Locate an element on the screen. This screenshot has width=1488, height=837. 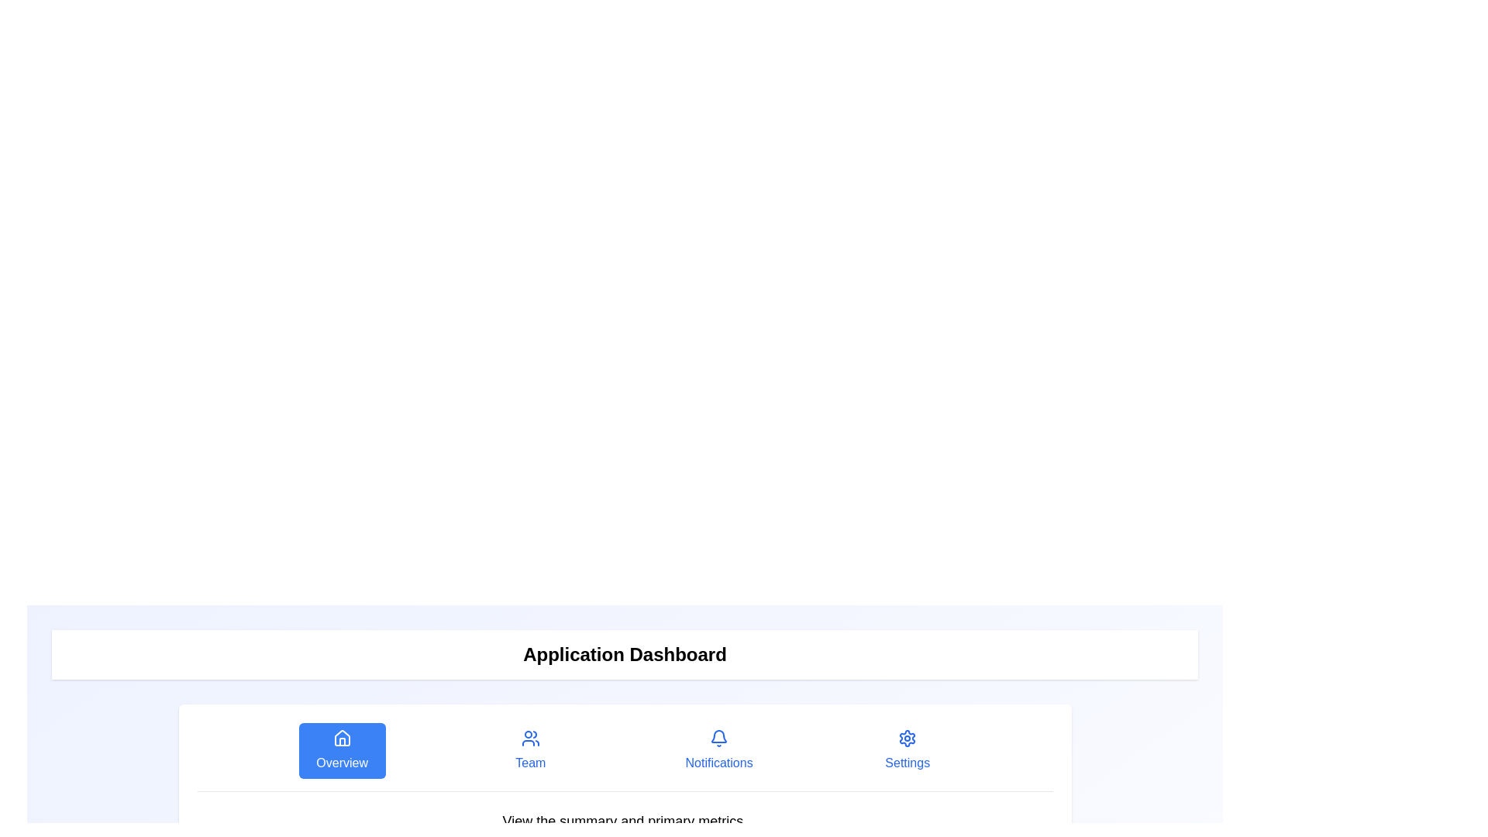
the gear icon located at the far right of the horizontal navigation bar is located at coordinates (908, 737).